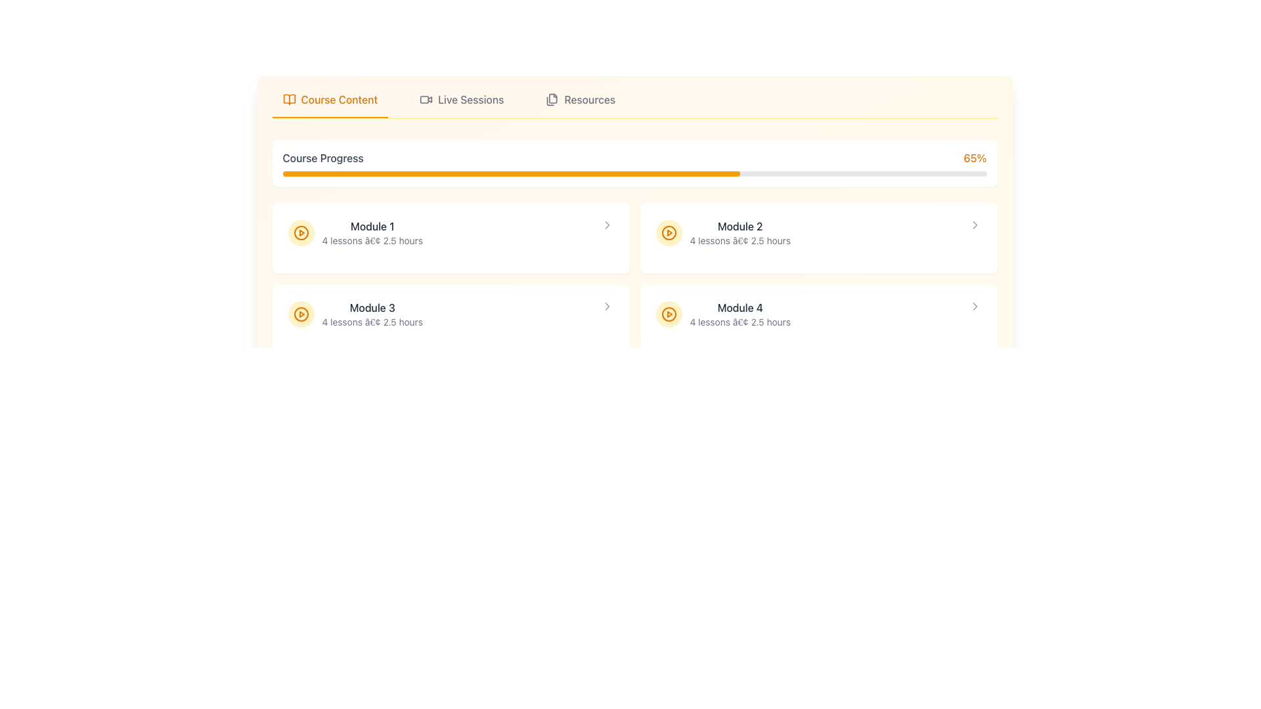  I want to click on information displayed in the text label that shows '4 lessons • 2.5 hours', which is located directly below the title 'Module 1' within a card in the top-left corner of the section, so click(372, 240).